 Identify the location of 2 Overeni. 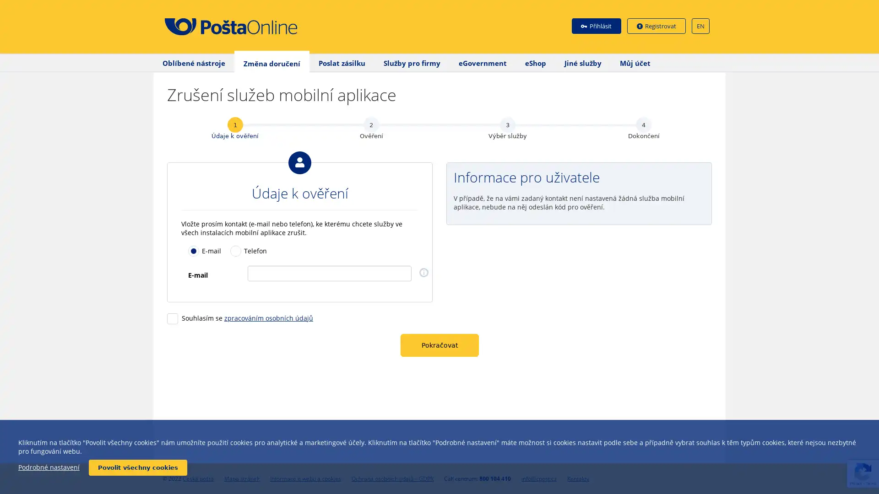
(371, 128).